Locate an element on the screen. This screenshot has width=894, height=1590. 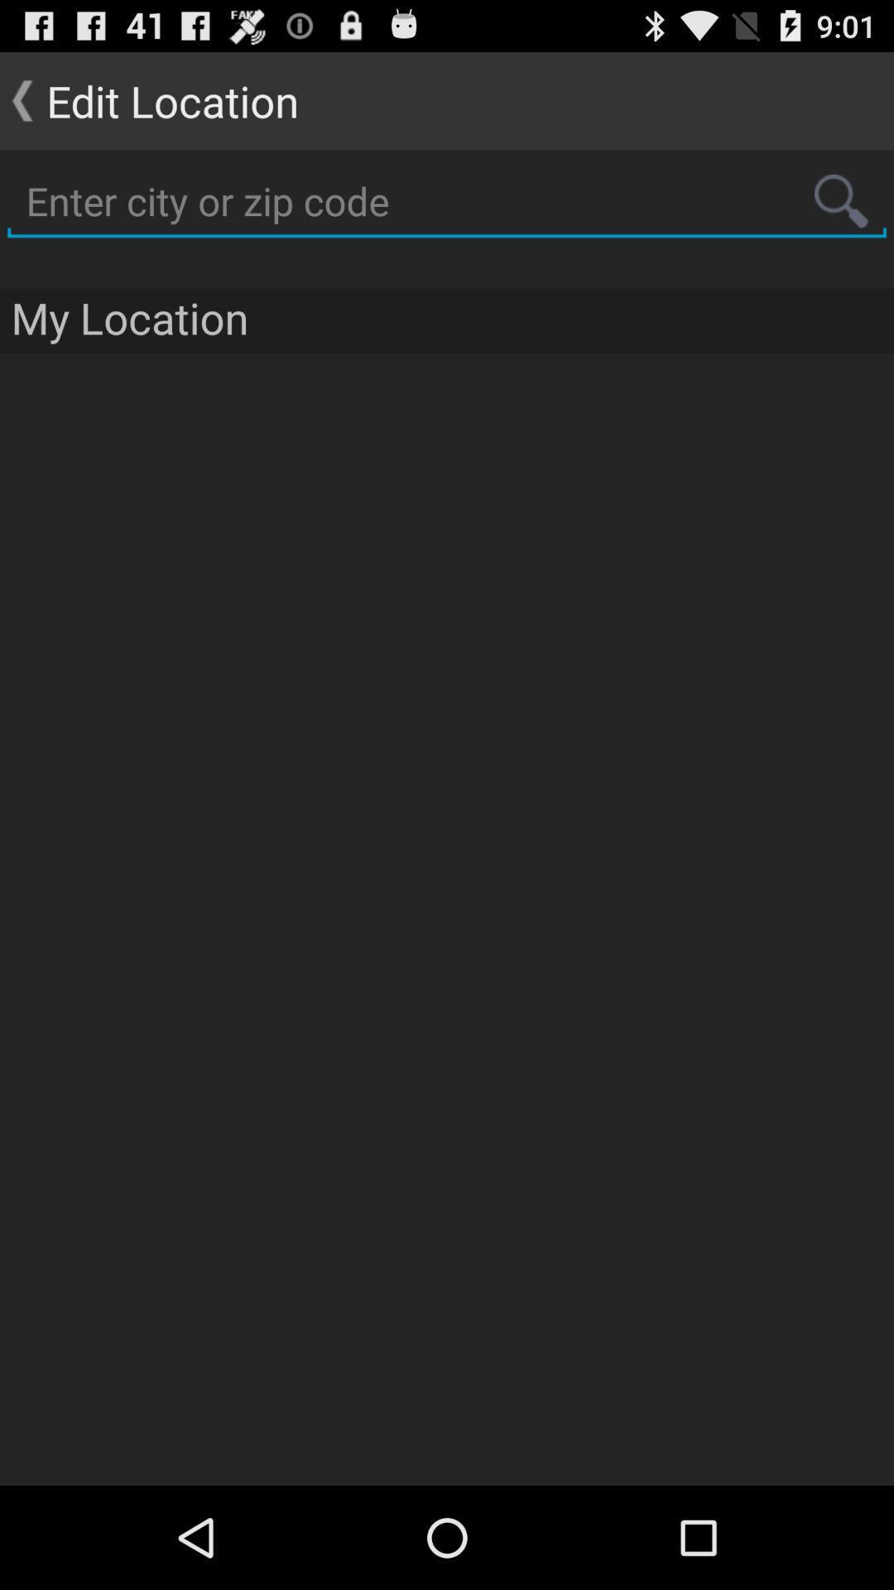
the item at the top left corner is located at coordinates (149, 99).